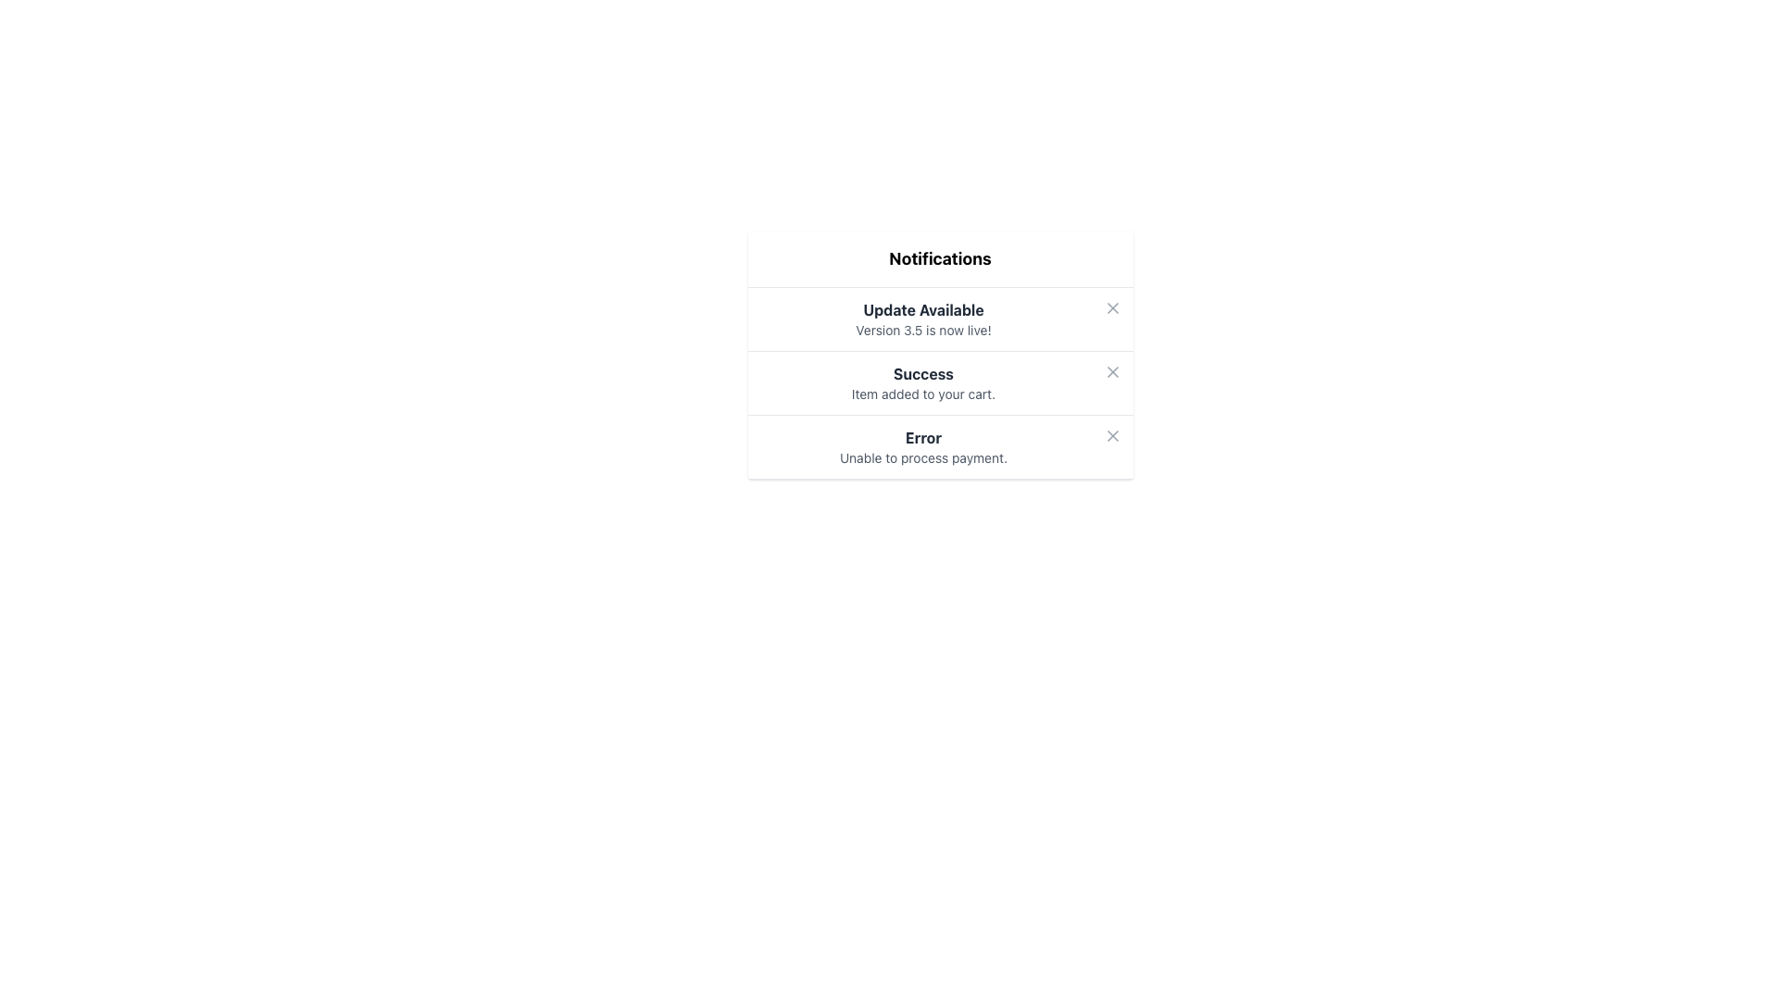 This screenshot has width=1778, height=1000. I want to click on the text element that reads 'Item added to your cart.' located directly below the 'Success' header in the notification interface, so click(923, 393).